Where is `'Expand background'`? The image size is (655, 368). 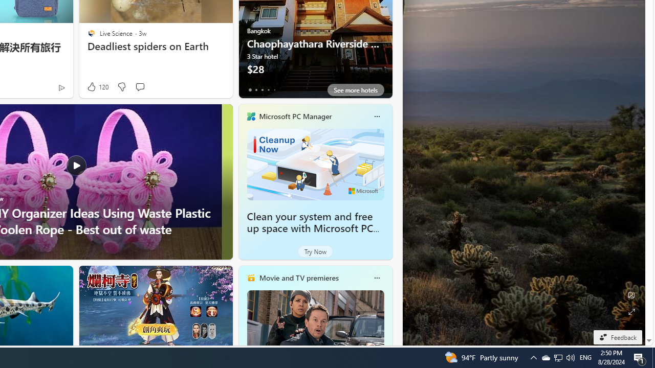
'Expand background' is located at coordinates (630, 311).